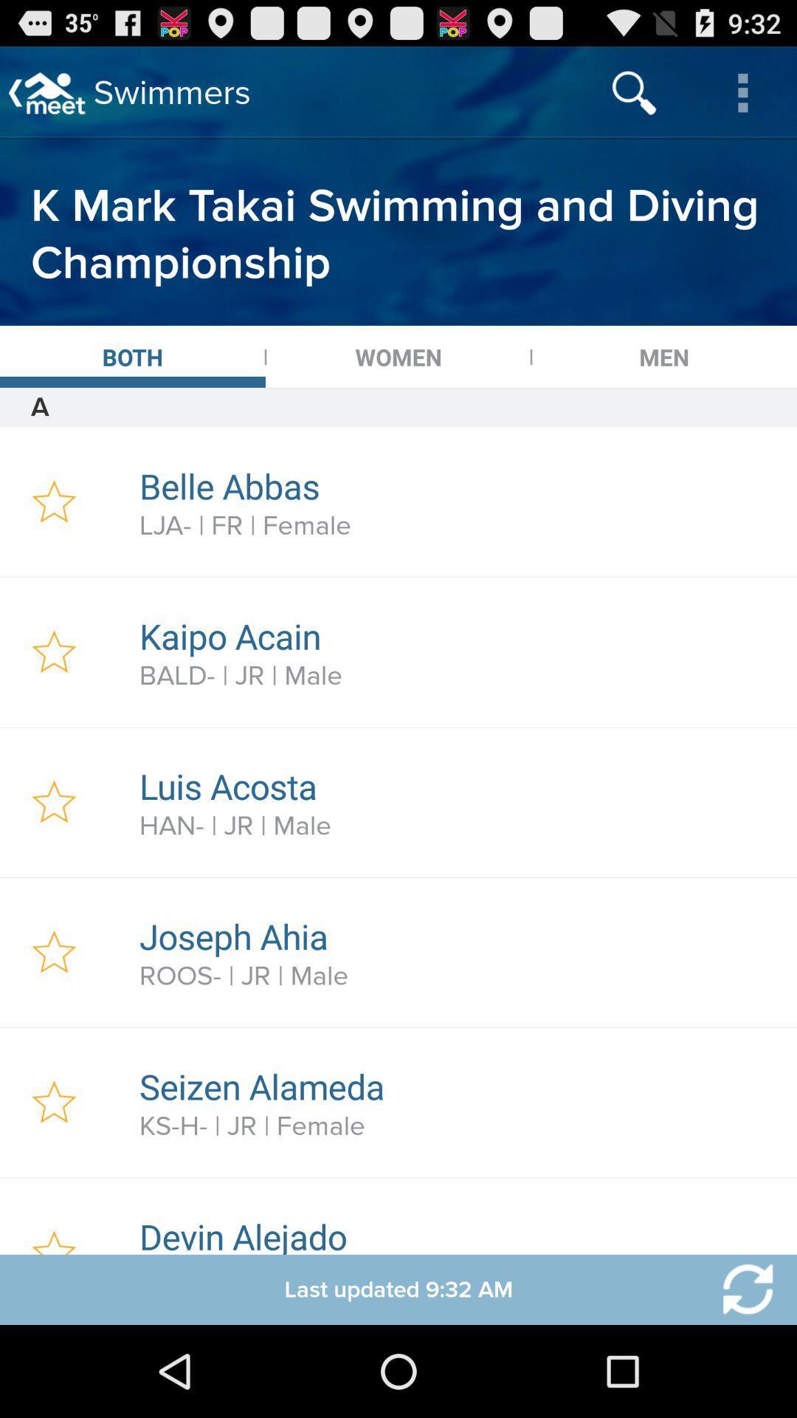 This screenshot has width=797, height=1418. Describe the element at coordinates (53, 953) in the screenshot. I see `this option was favourite button` at that location.